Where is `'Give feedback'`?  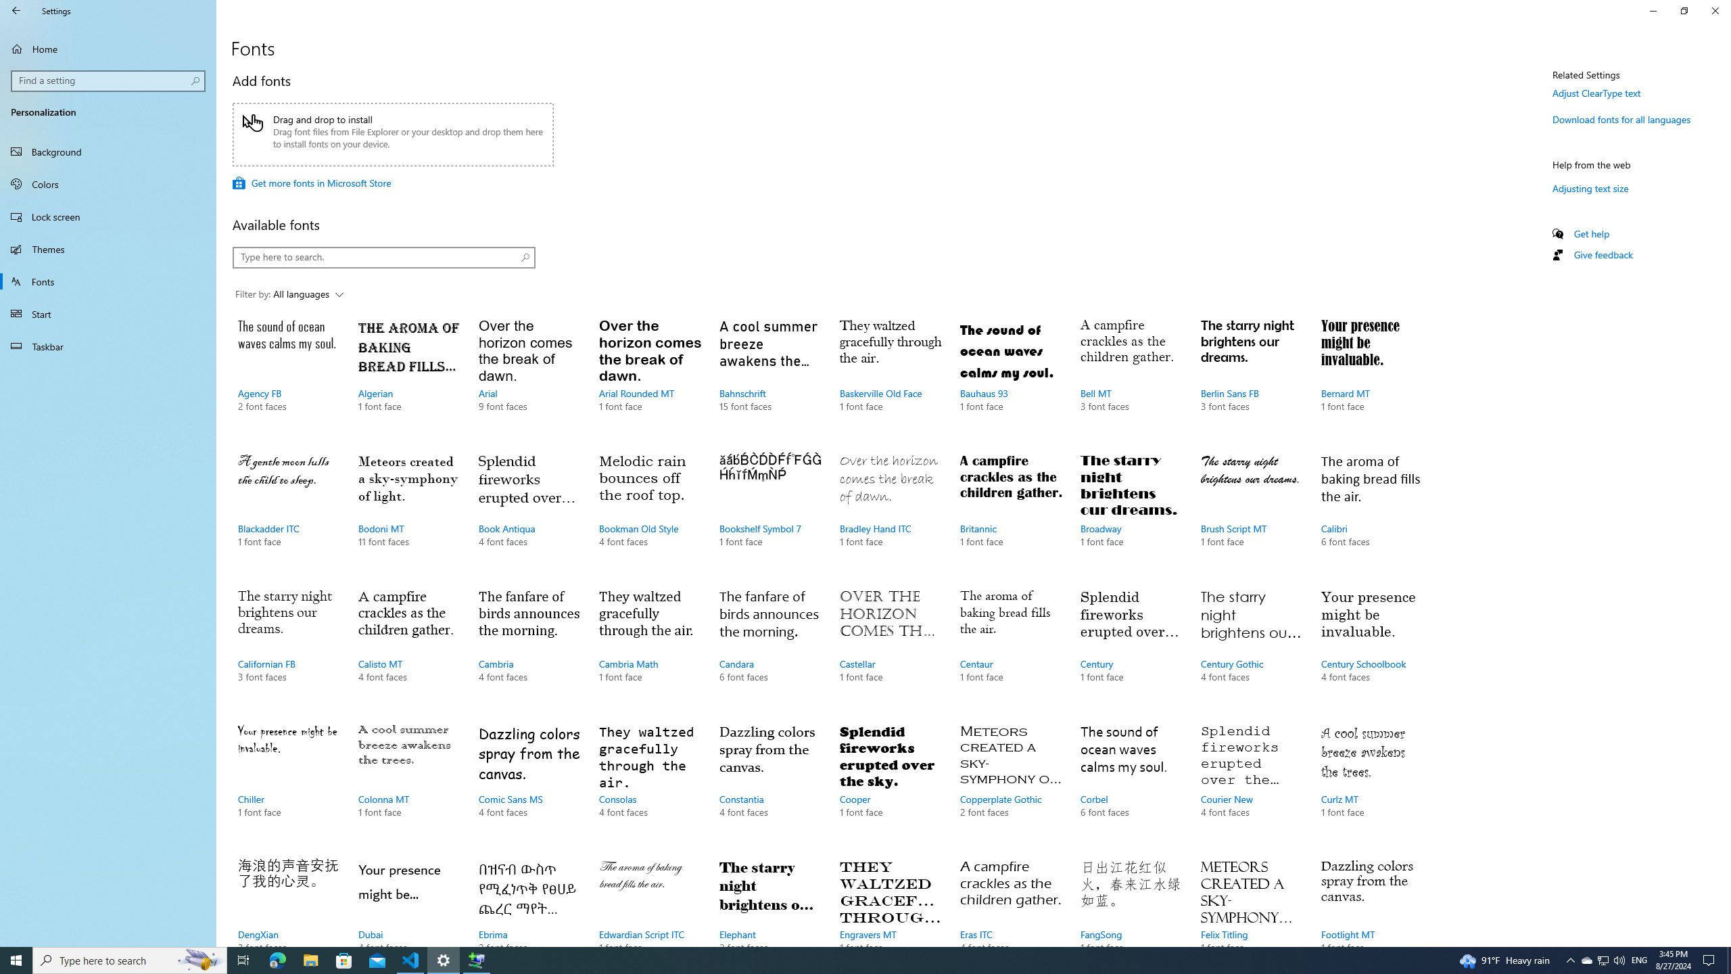
'Give feedback' is located at coordinates (1602, 254).